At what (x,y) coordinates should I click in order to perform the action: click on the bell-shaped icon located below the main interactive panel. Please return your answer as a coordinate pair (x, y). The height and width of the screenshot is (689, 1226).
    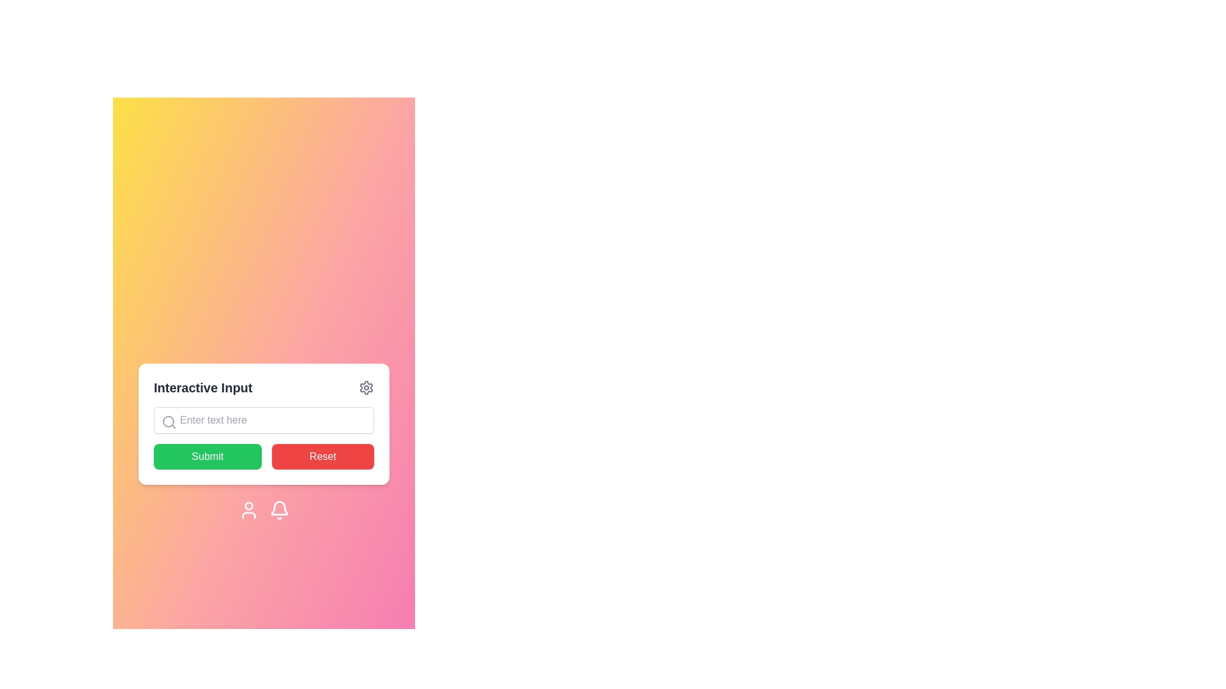
    Looking at the image, I should click on (278, 509).